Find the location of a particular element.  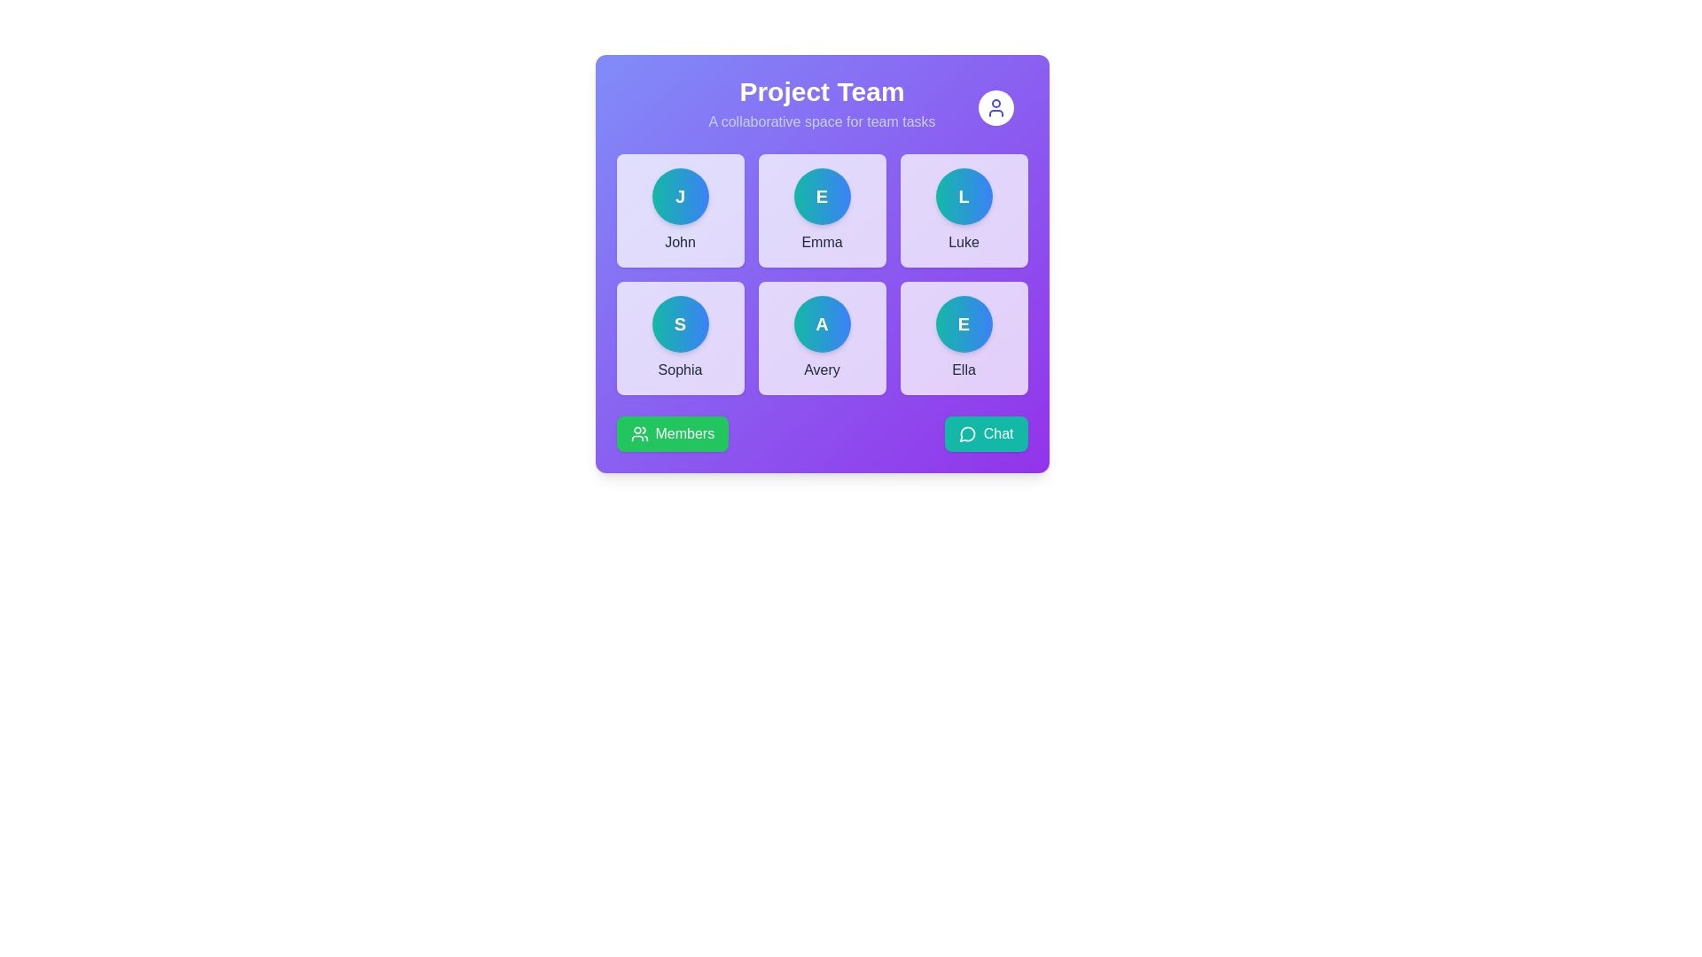

the static text label that summarizes the purpose of the module, positioned beneath the 'Project Team' text and centrally above the grid layout of icons is located at coordinates (821, 121).